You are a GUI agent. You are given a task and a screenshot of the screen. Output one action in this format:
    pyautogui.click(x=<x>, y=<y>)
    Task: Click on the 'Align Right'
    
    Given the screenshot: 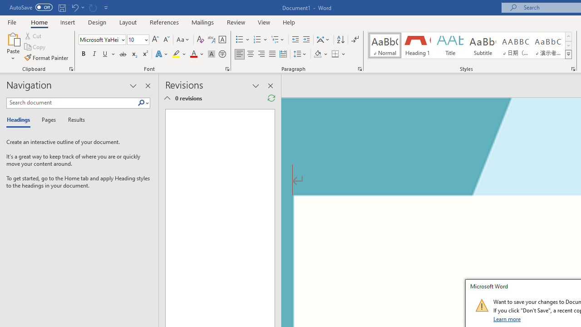 What is the action you would take?
    pyautogui.click(x=261, y=54)
    